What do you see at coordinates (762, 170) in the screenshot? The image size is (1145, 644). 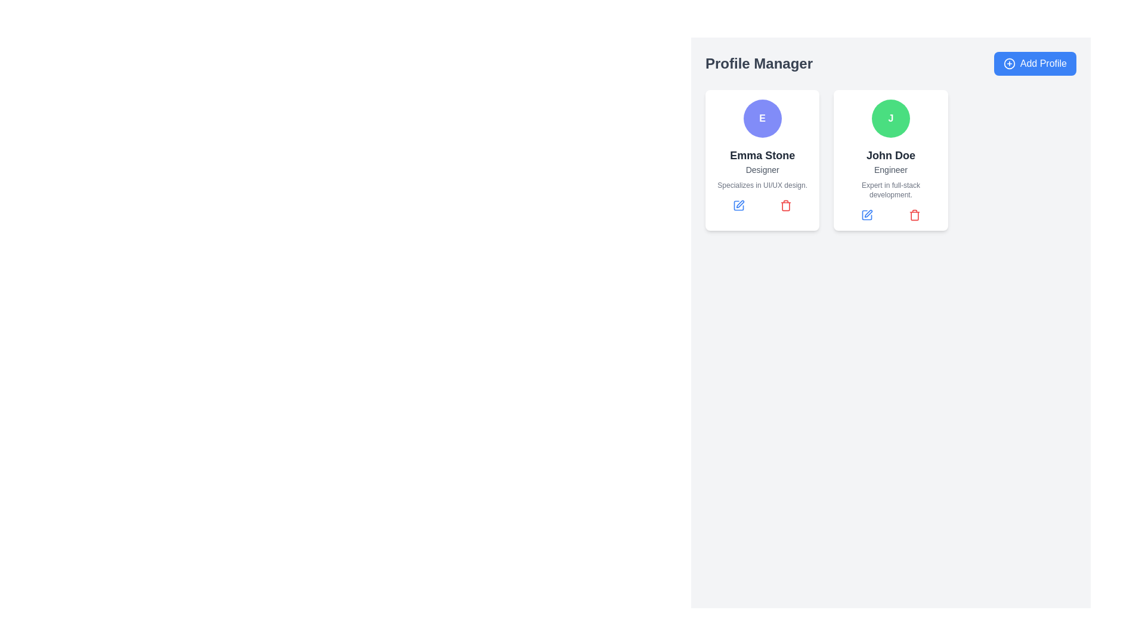 I see `the second line of text that indicates the role or title associated with the profile of 'Emma Stone', located between the name and the description` at bounding box center [762, 170].